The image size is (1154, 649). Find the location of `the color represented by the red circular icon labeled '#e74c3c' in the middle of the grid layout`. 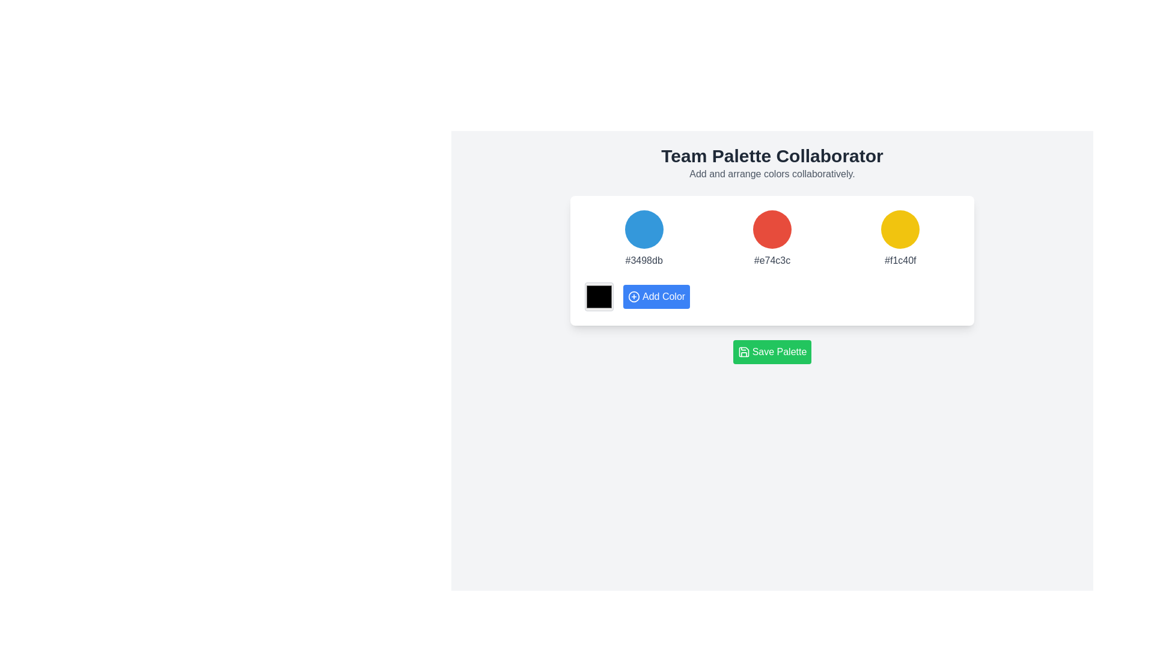

the color represented by the red circular icon labeled '#e74c3c' in the middle of the grid layout is located at coordinates (772, 239).